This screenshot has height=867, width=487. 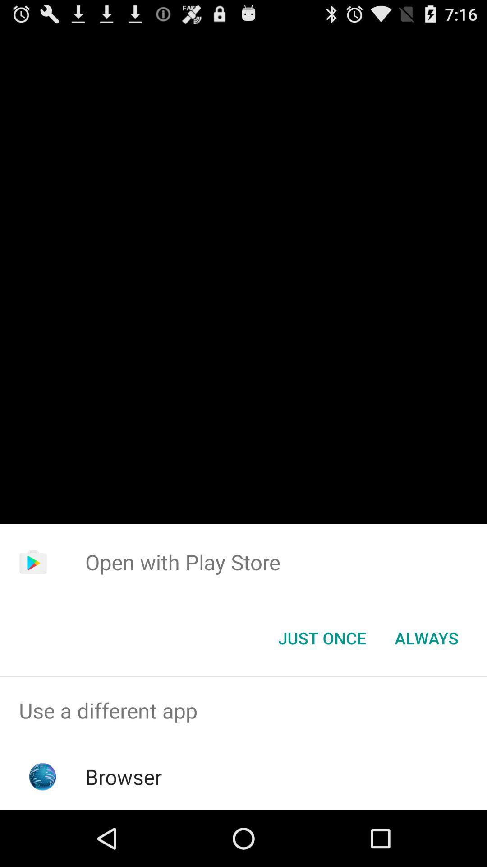 What do you see at coordinates (426, 637) in the screenshot?
I see `item next to the just once icon` at bounding box center [426, 637].